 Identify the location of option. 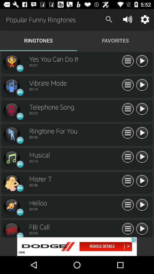
(141, 181).